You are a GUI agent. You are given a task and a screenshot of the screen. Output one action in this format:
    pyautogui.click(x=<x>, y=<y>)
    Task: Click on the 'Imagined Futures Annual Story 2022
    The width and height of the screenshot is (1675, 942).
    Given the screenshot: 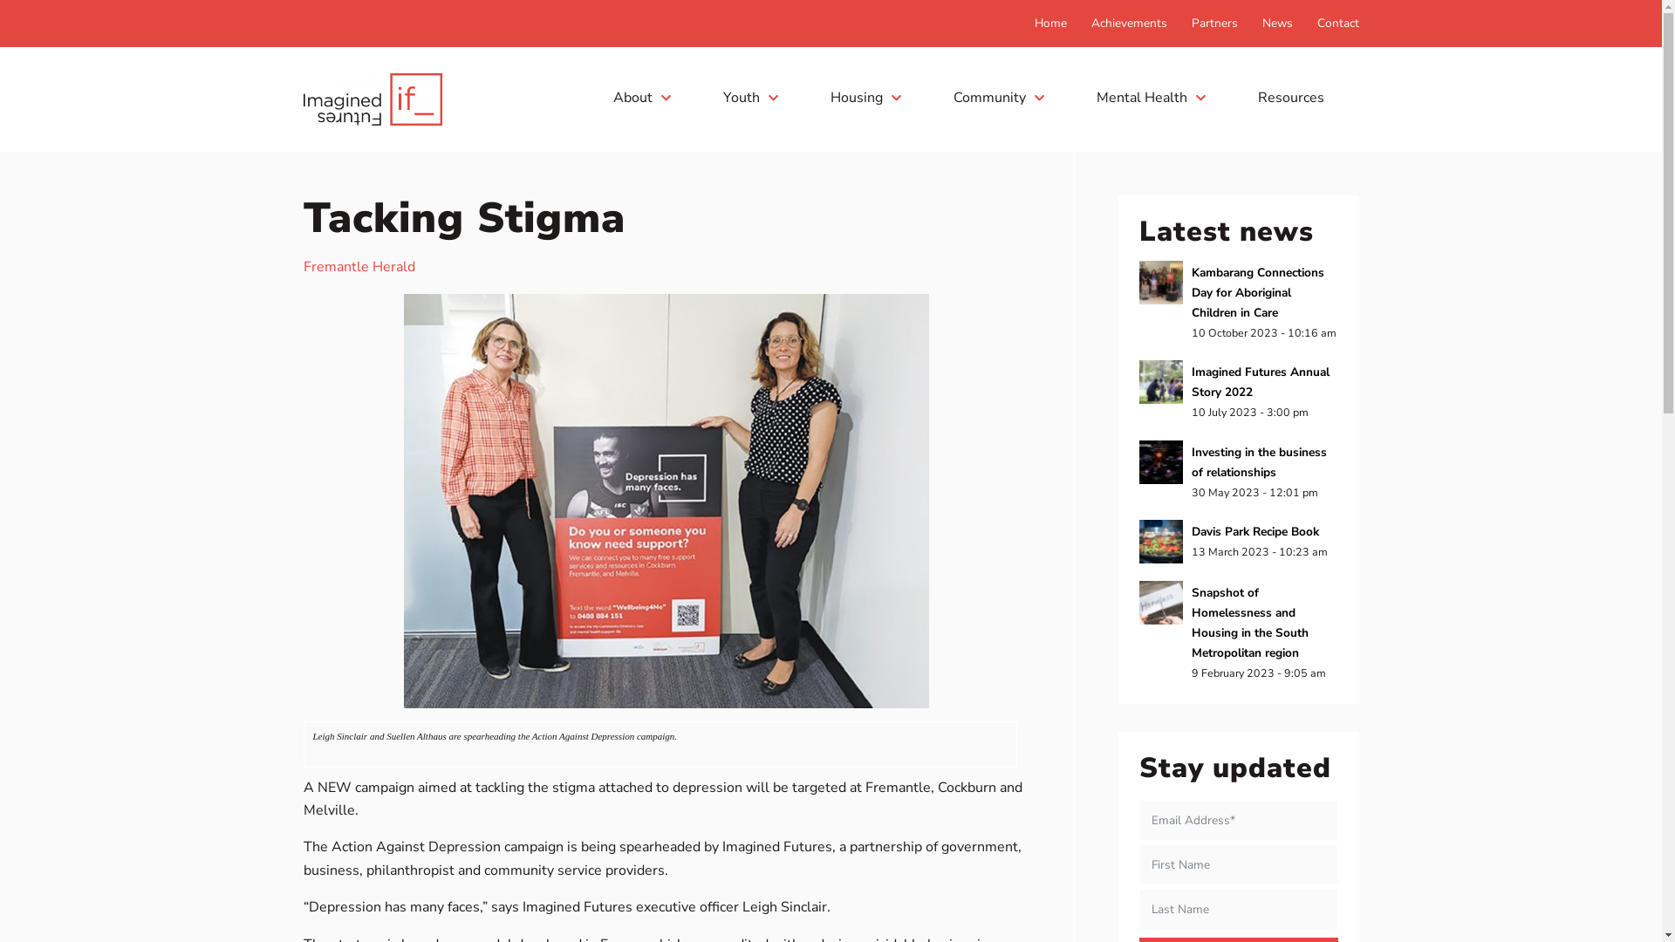 What is the action you would take?
    pyautogui.click(x=1138, y=390)
    